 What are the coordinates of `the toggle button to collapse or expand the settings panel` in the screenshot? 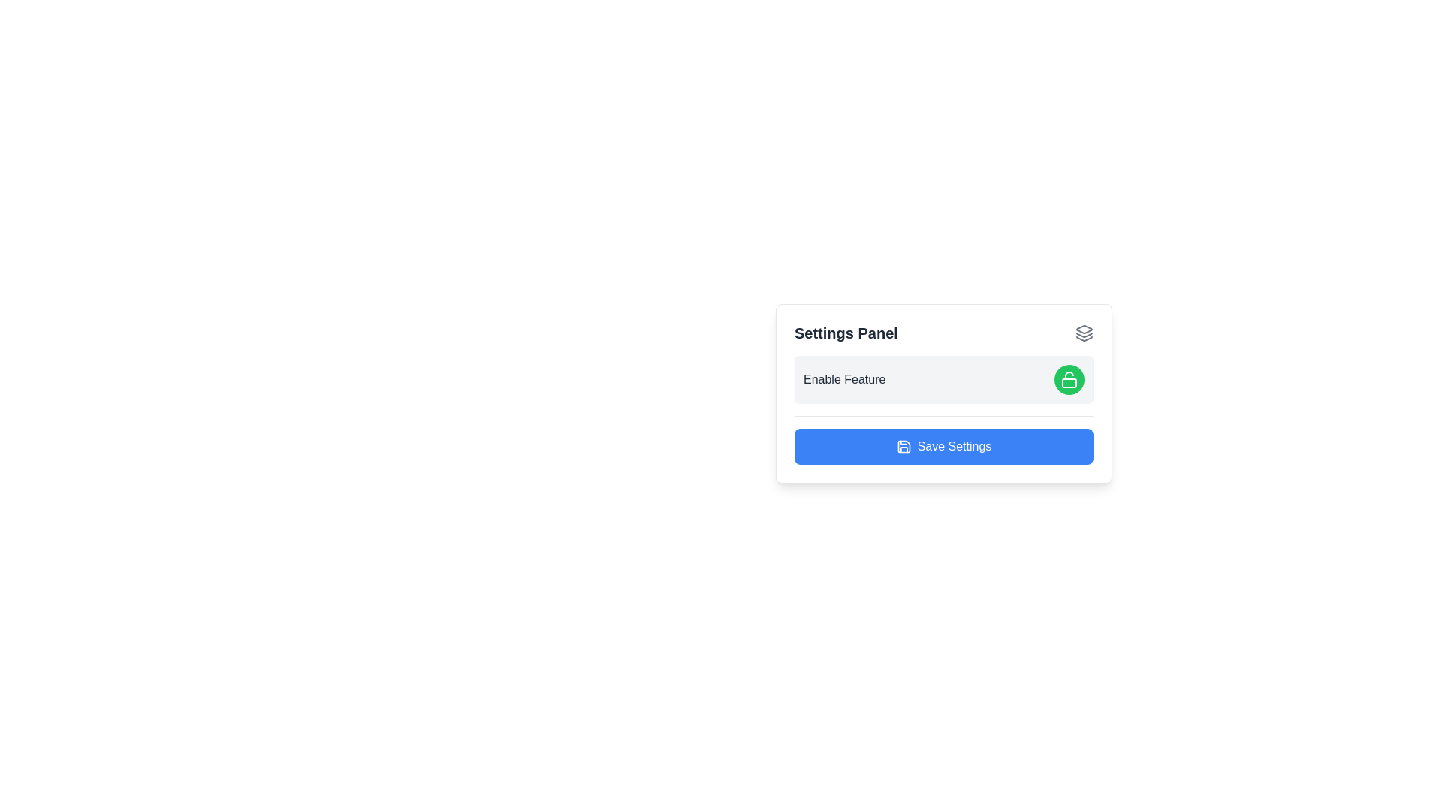 It's located at (1085, 332).